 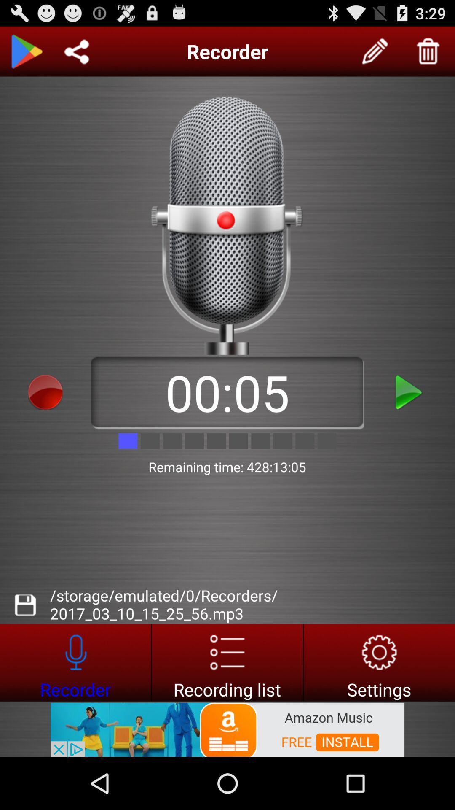 I want to click on settings, so click(x=379, y=662).